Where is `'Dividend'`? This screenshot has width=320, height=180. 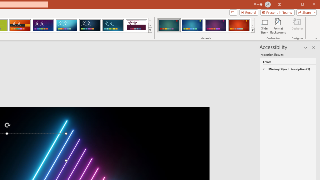
'Dividend' is located at coordinates (136, 25).